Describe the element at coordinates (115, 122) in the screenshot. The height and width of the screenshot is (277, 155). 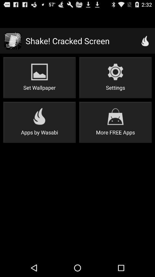
I see `the more free apps icon` at that location.